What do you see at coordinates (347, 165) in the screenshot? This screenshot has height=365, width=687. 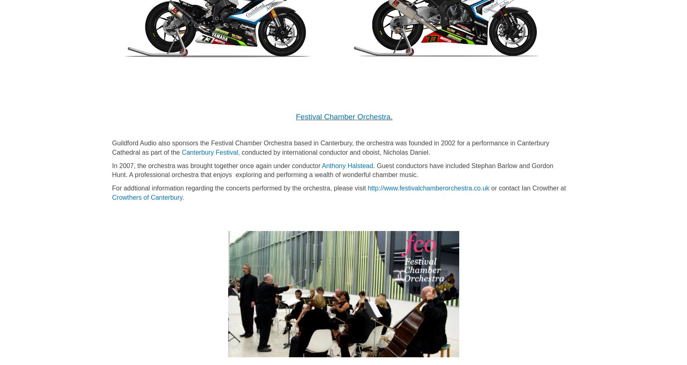 I see `'Anthony Halstead'` at bounding box center [347, 165].